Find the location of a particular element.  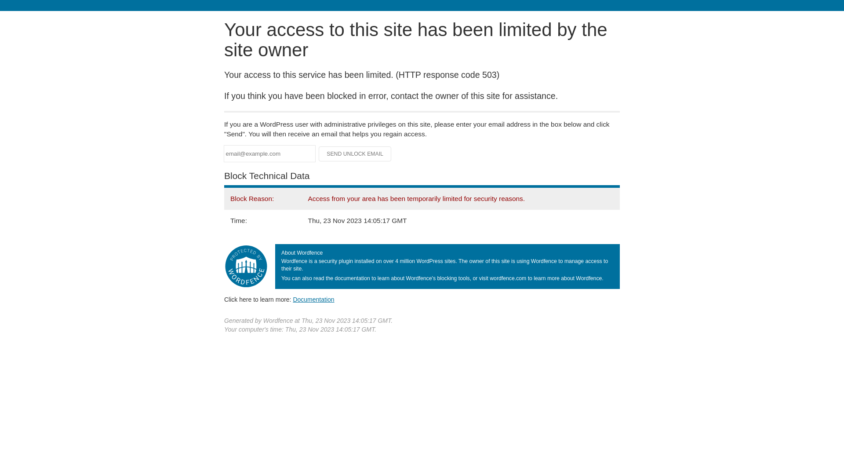

'Send Unlock Email' is located at coordinates (355, 153).